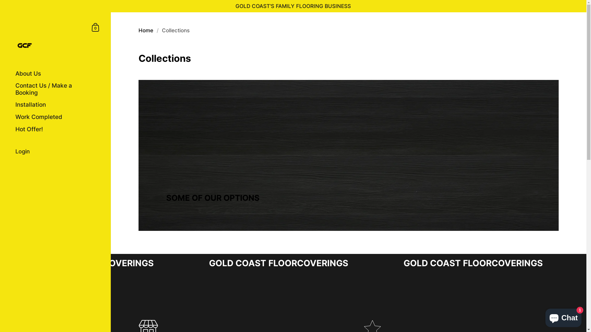  I want to click on 'Work Completed', so click(55, 117).